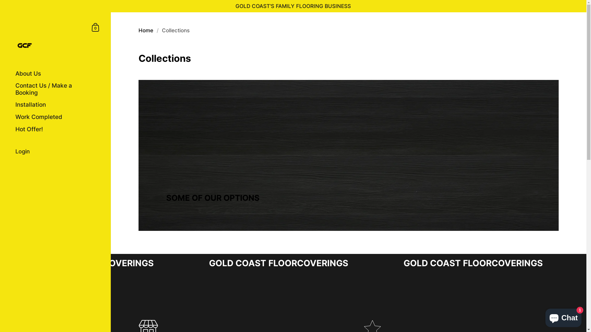  I want to click on 'Work Completed', so click(55, 117).